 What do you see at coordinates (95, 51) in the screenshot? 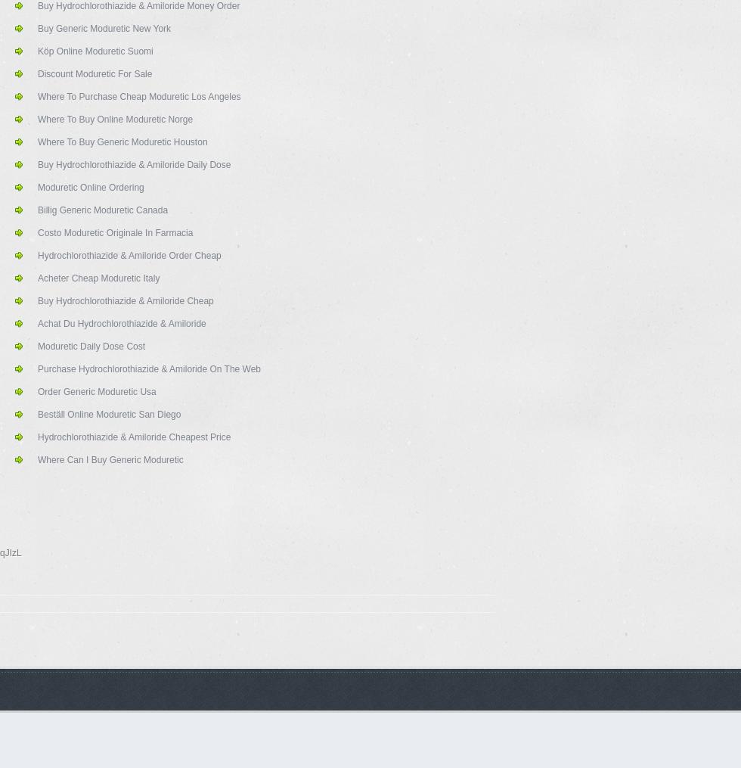
I see `'Köp Online Moduretic Suomi'` at bounding box center [95, 51].